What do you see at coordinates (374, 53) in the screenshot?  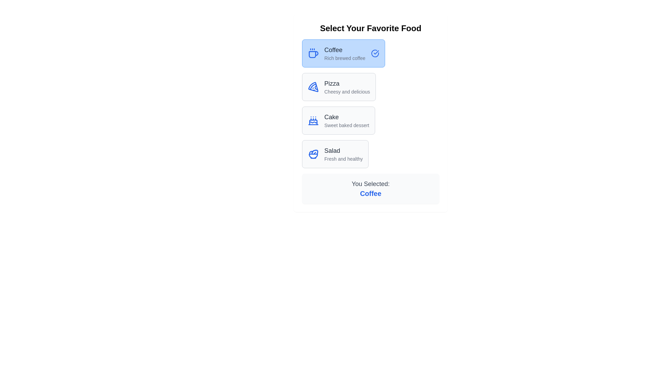 I see `the circular checkmark icon with a blue outline located in the upper-right corner of the 'Coffee Rich brewed coffee' list item for status indication` at bounding box center [374, 53].